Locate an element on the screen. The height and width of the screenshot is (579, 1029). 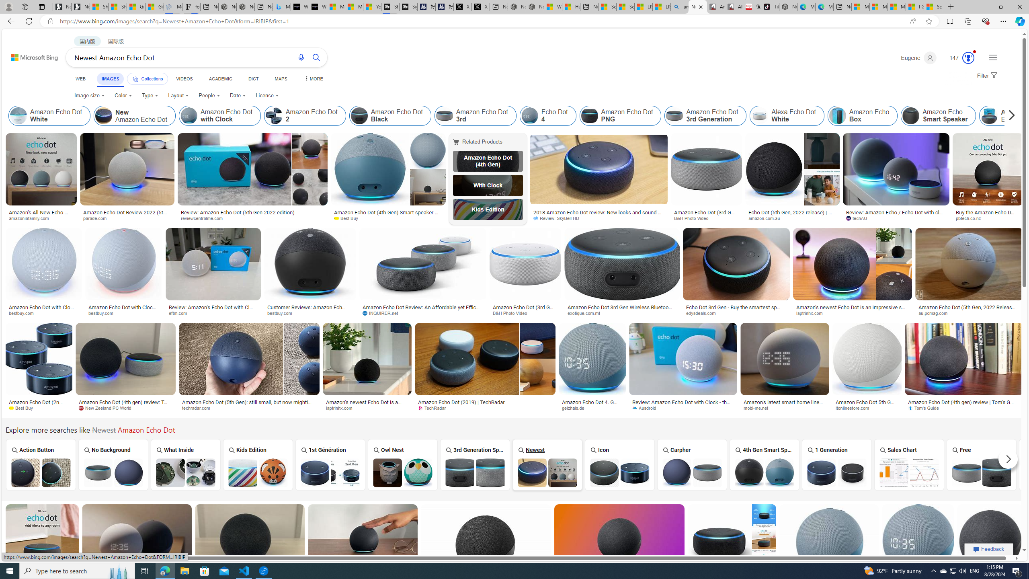
'Ausdroid' is located at coordinates (682, 408).